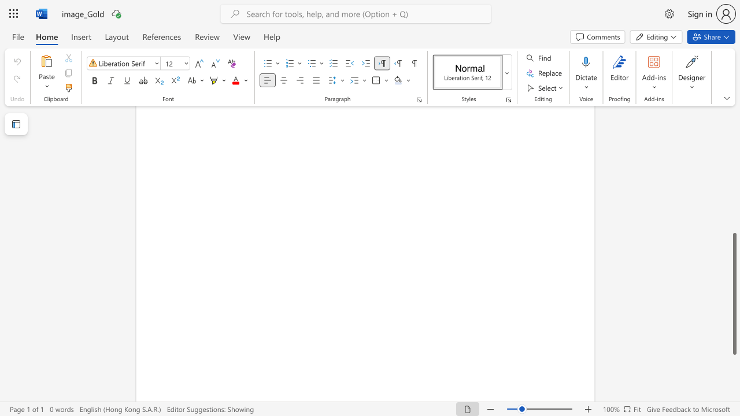 This screenshot has height=416, width=740. What do you see at coordinates (734, 293) in the screenshot?
I see `the scrollbar and move up 210 pixels` at bounding box center [734, 293].